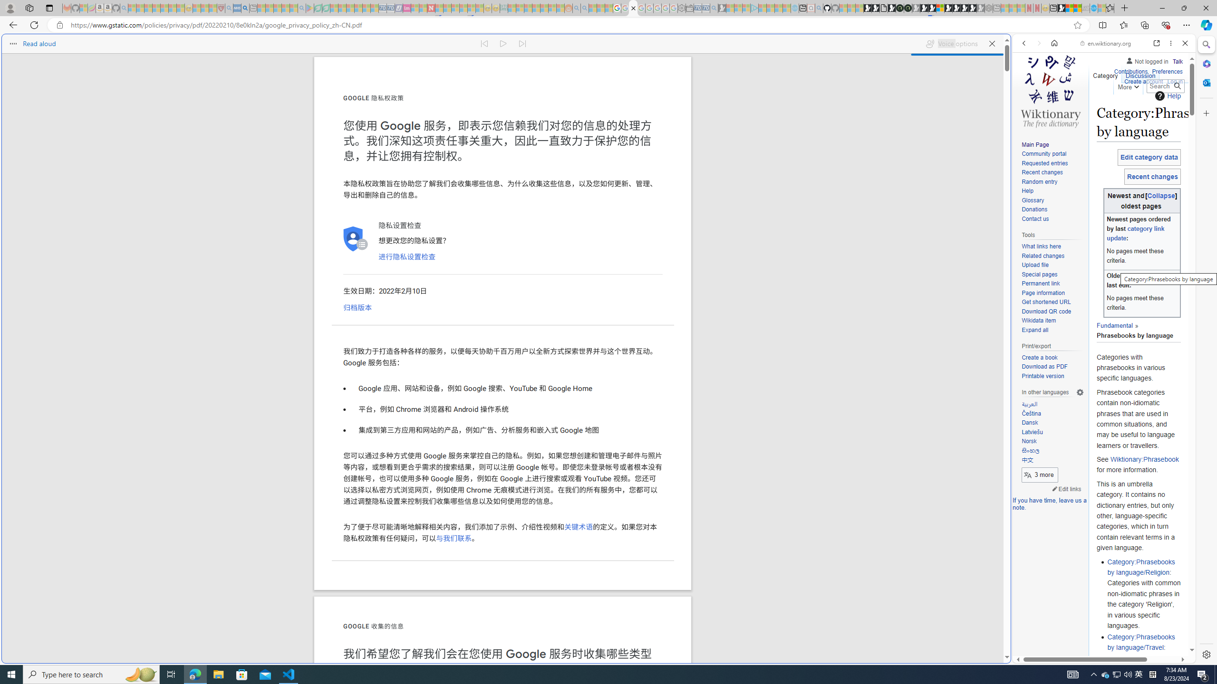  I want to click on 'Discussion', so click(1140, 73).